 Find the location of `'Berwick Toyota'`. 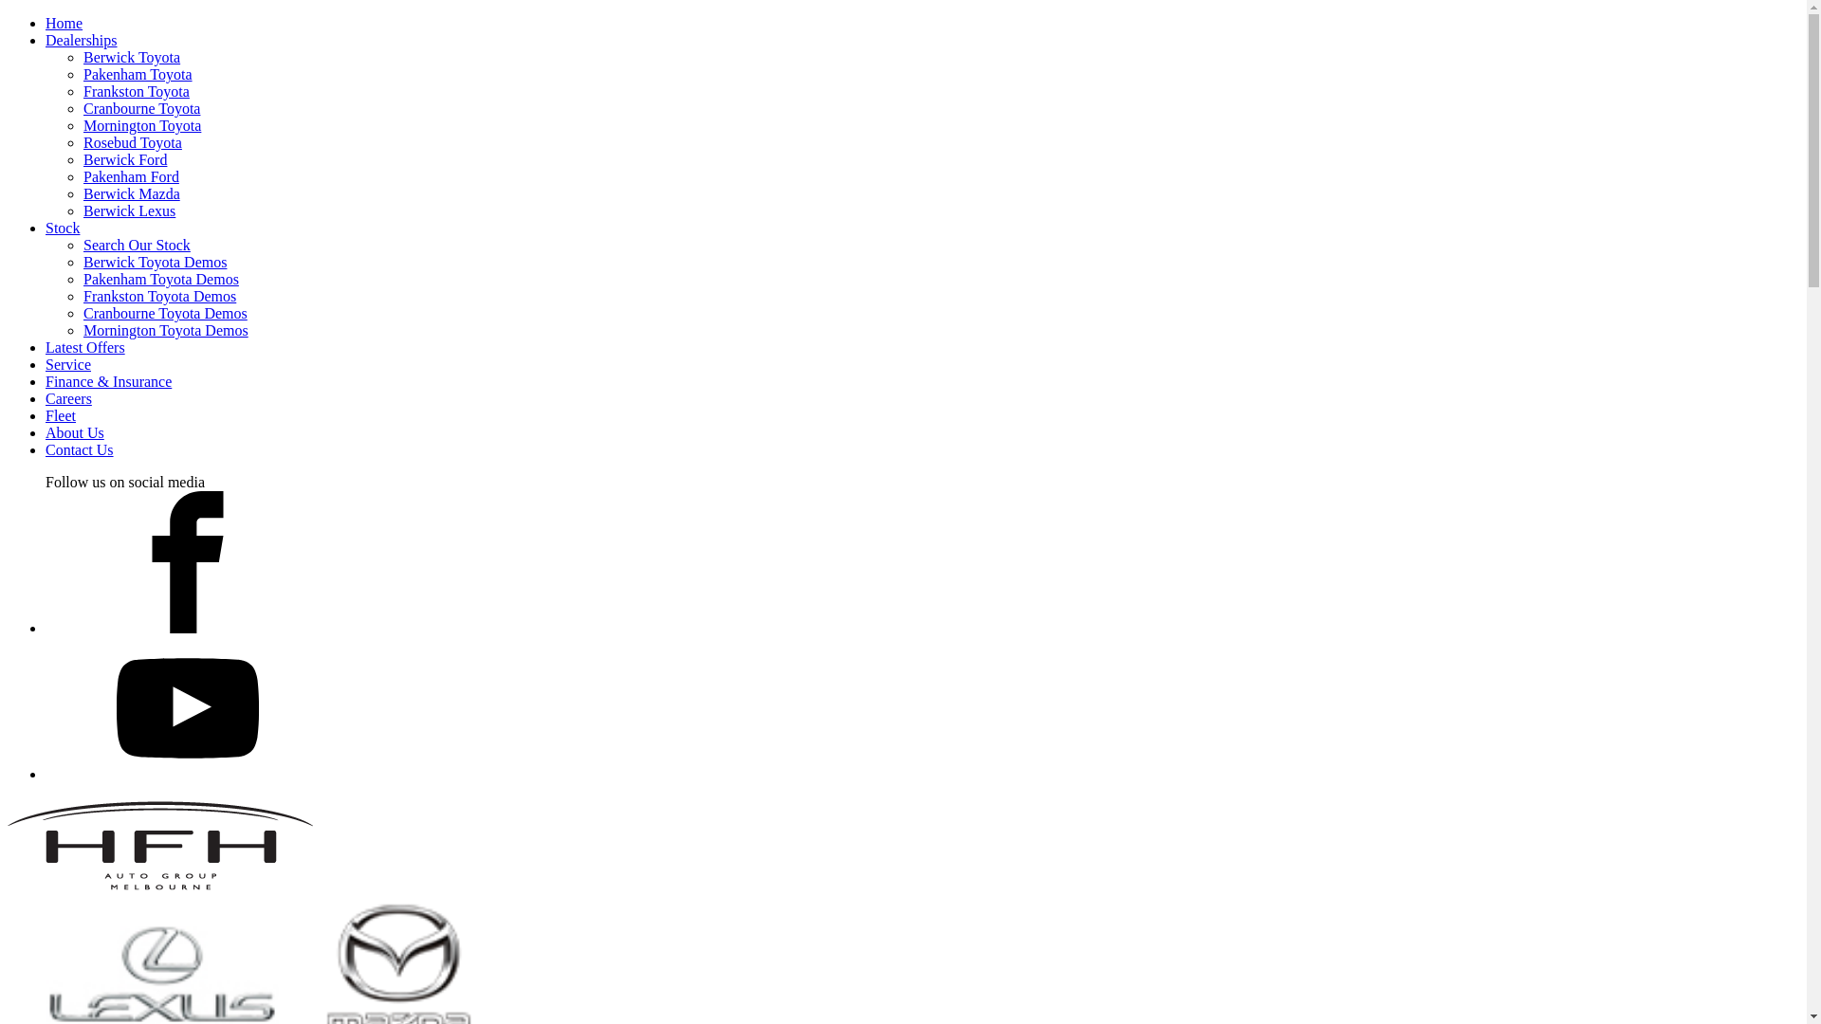

'Berwick Toyota' is located at coordinates (131, 56).